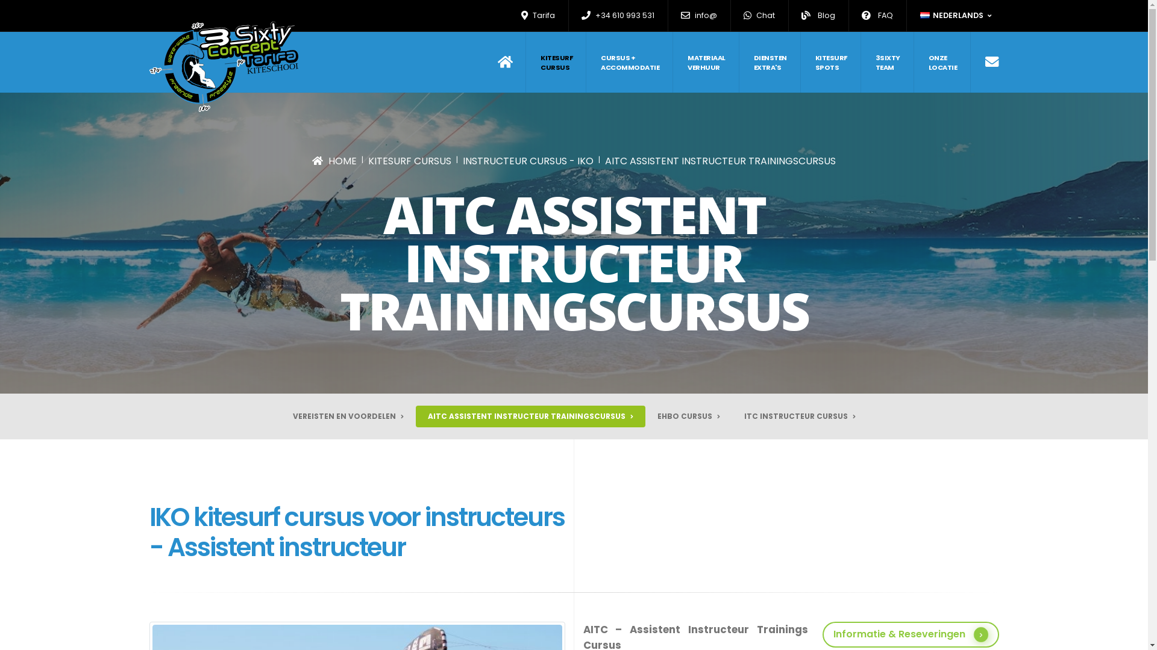  What do you see at coordinates (888, 62) in the screenshot?
I see `'3SIXTY TEAM'` at bounding box center [888, 62].